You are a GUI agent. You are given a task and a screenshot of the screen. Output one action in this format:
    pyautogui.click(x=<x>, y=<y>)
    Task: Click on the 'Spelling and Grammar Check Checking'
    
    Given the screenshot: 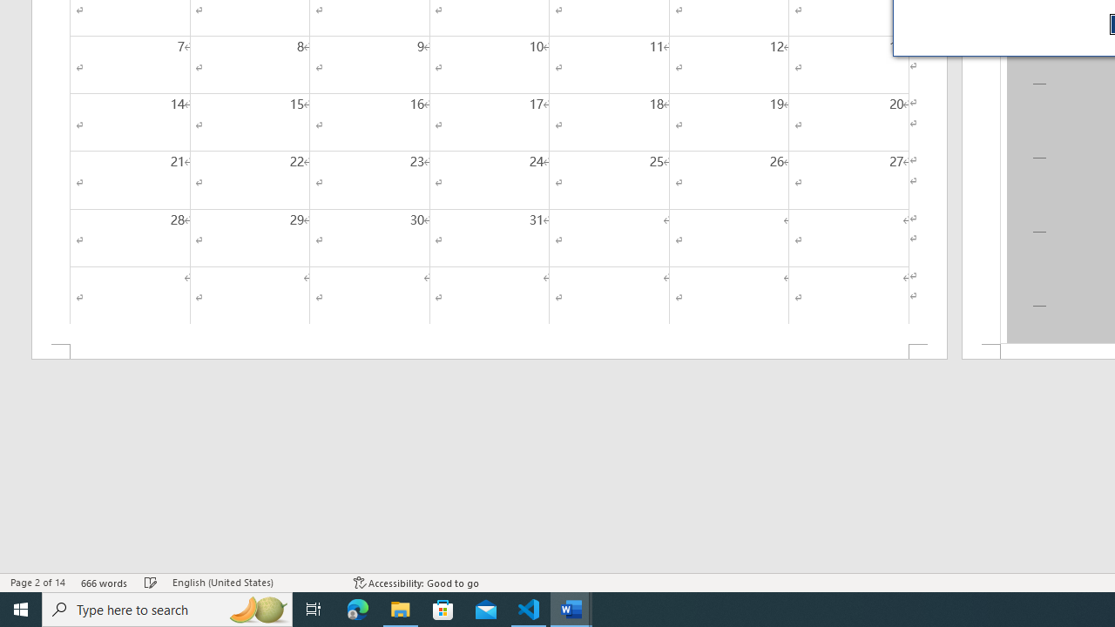 What is the action you would take?
    pyautogui.click(x=151, y=583)
    